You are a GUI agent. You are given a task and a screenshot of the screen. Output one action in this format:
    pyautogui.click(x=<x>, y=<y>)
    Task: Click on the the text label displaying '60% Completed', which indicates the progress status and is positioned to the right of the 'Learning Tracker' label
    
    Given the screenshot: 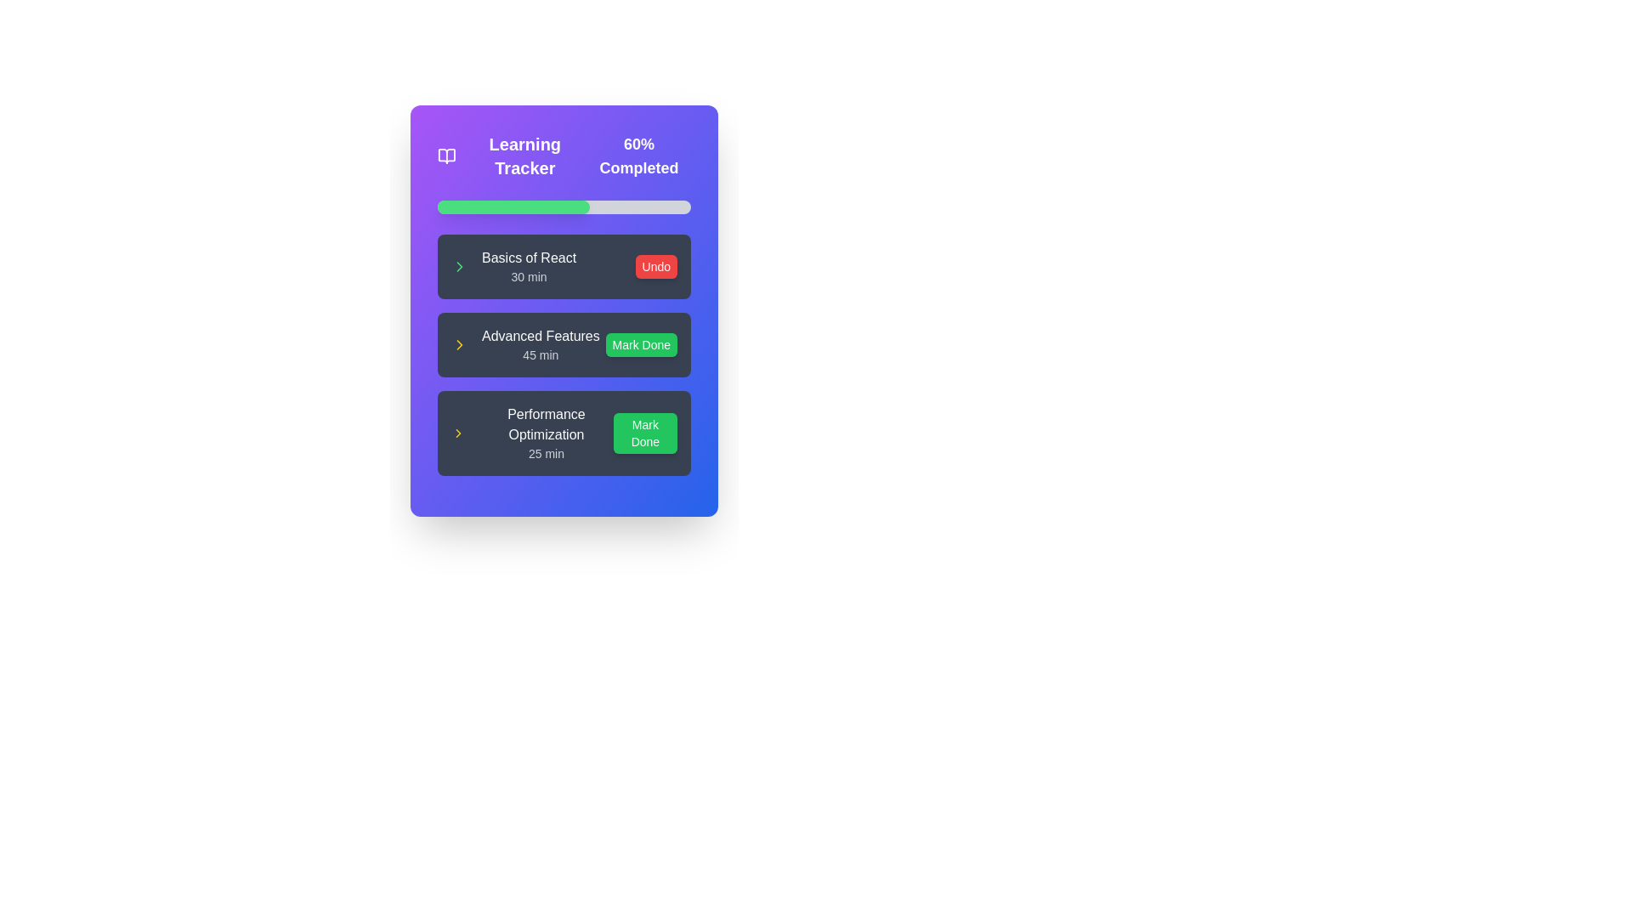 What is the action you would take?
    pyautogui.click(x=637, y=156)
    